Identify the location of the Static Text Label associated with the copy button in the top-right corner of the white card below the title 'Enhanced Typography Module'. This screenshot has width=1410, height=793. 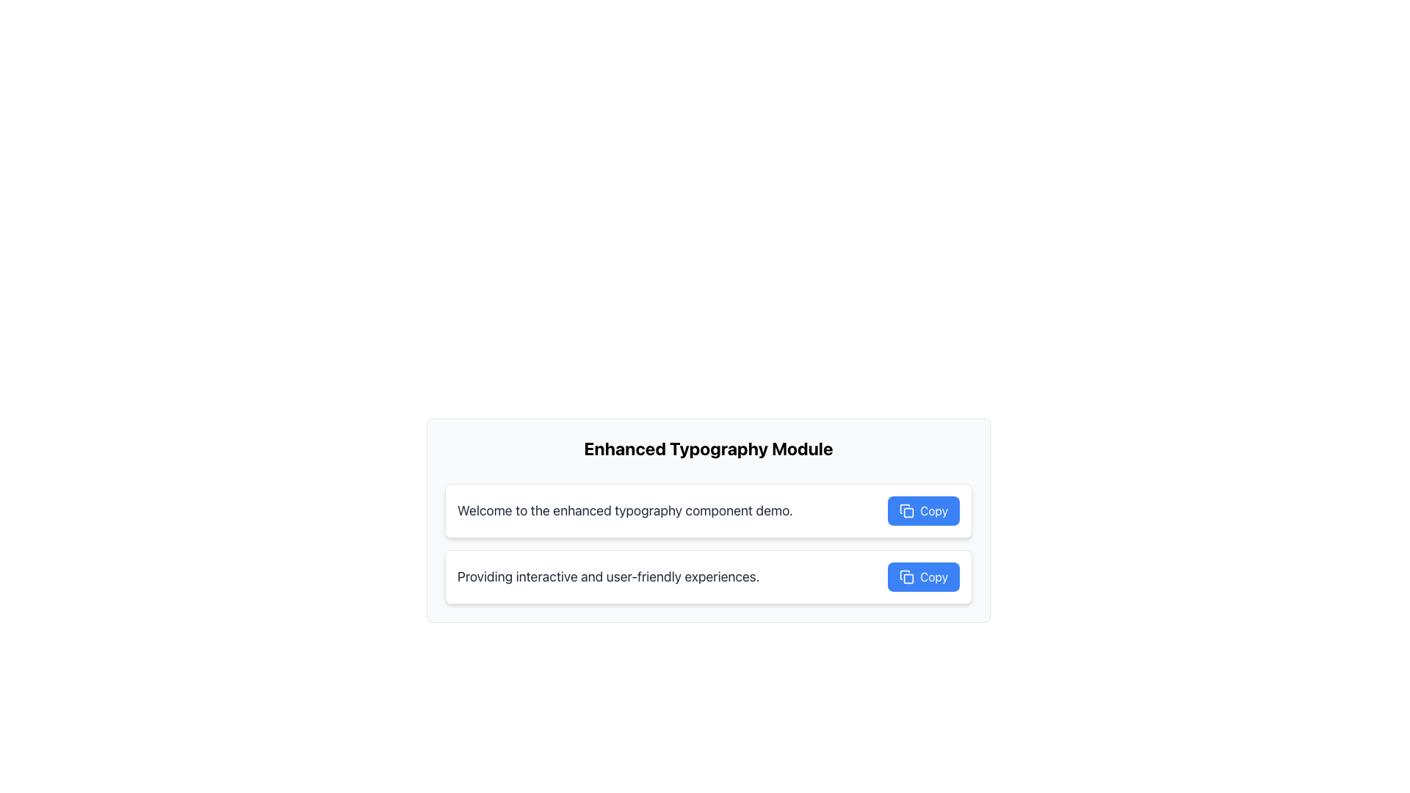
(933, 510).